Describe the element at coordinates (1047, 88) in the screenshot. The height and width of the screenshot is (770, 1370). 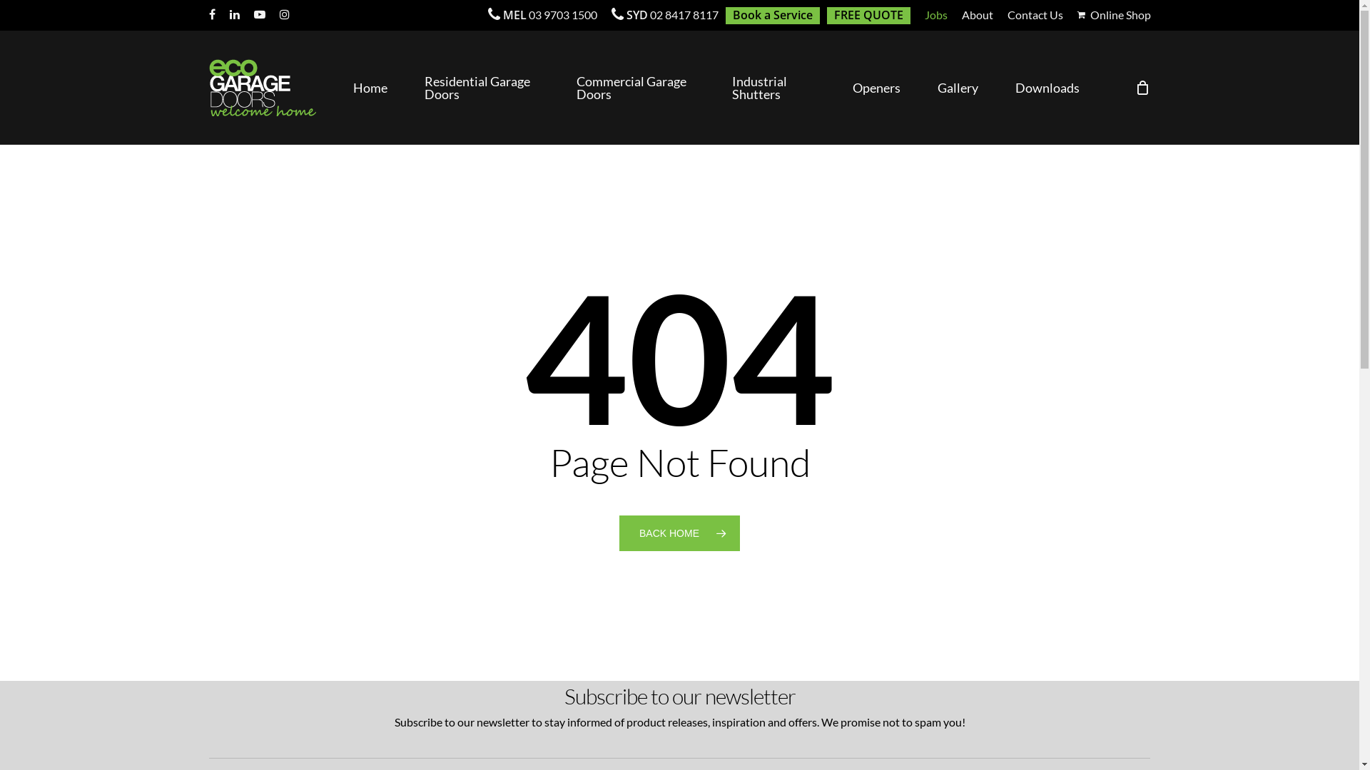
I see `'Downloads'` at that location.